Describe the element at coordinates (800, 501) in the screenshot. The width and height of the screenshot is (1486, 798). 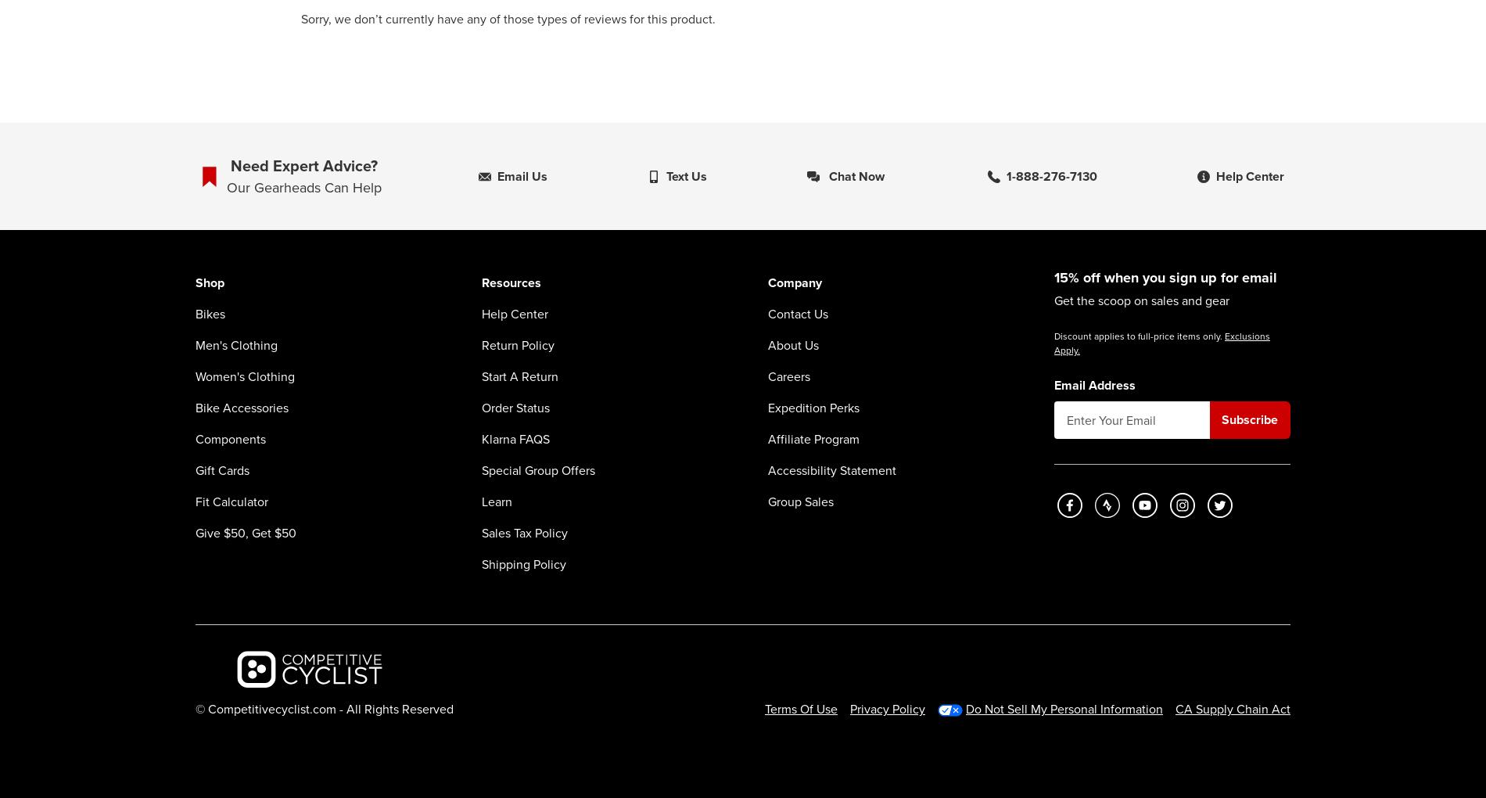
I see `'Group Sales'` at that location.